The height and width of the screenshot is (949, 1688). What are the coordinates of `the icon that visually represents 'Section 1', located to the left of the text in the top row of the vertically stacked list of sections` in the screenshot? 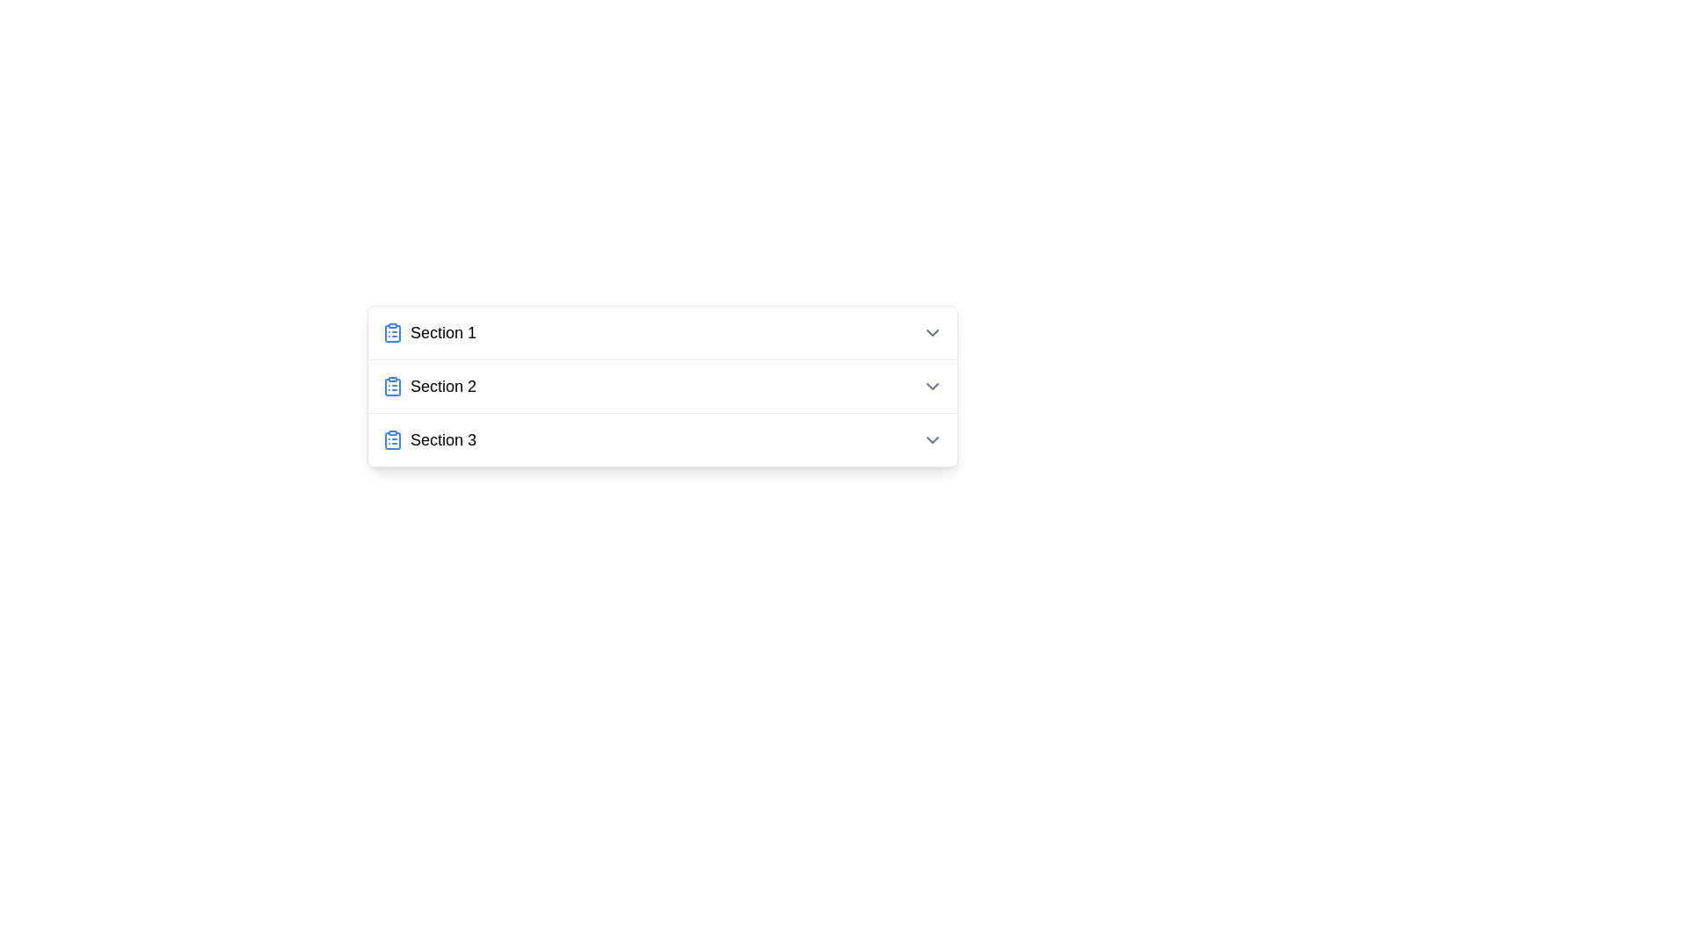 It's located at (391, 332).